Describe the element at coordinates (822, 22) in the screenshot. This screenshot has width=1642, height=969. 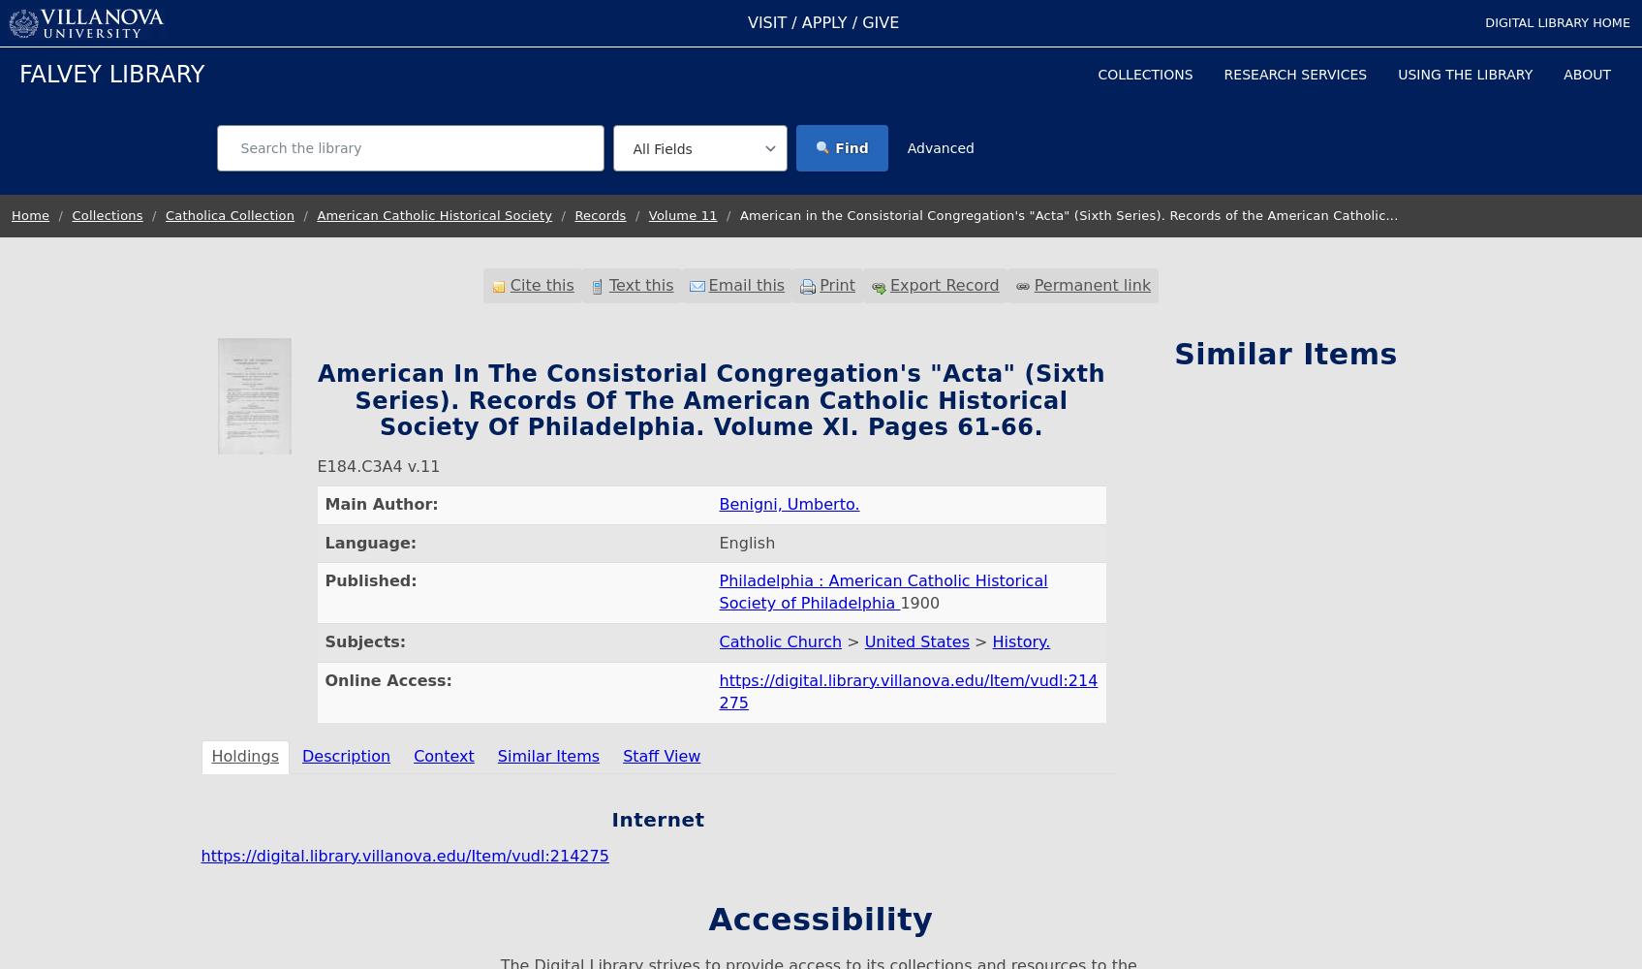
I see `'APPLY'` at that location.